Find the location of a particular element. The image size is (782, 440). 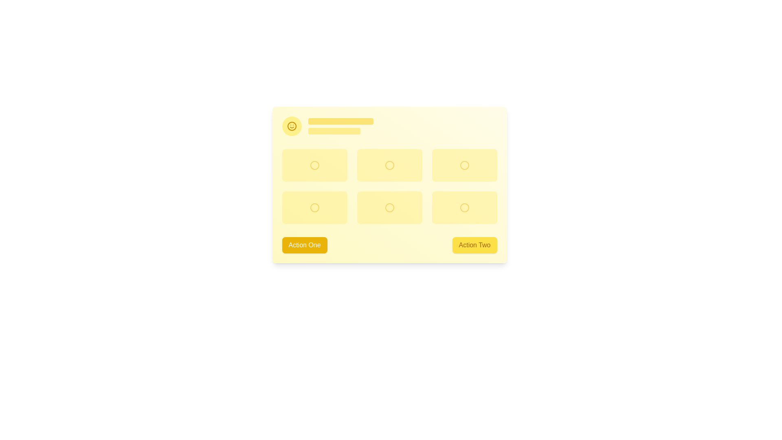

topmost horizontal row component containing a badge and placeholder text blocks, which serves as a representation of yet-to-be-loaded user detail is located at coordinates (389, 126).